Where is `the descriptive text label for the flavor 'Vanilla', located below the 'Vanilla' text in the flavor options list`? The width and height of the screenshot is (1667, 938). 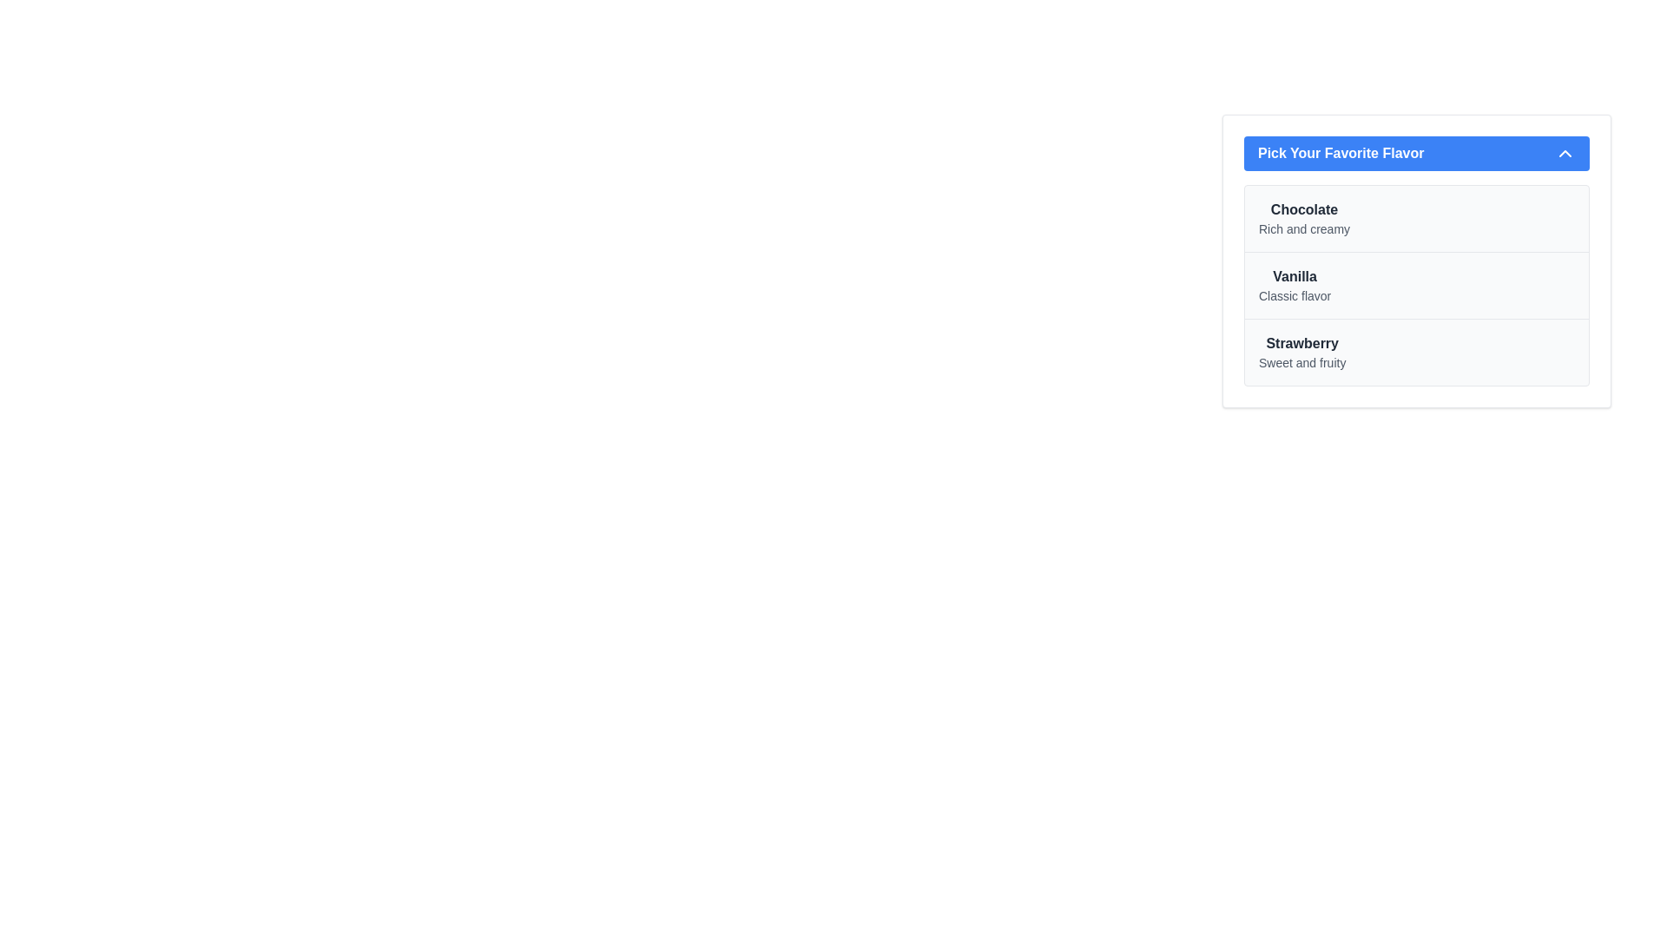
the descriptive text label for the flavor 'Vanilla', located below the 'Vanilla' text in the flavor options list is located at coordinates (1295, 294).